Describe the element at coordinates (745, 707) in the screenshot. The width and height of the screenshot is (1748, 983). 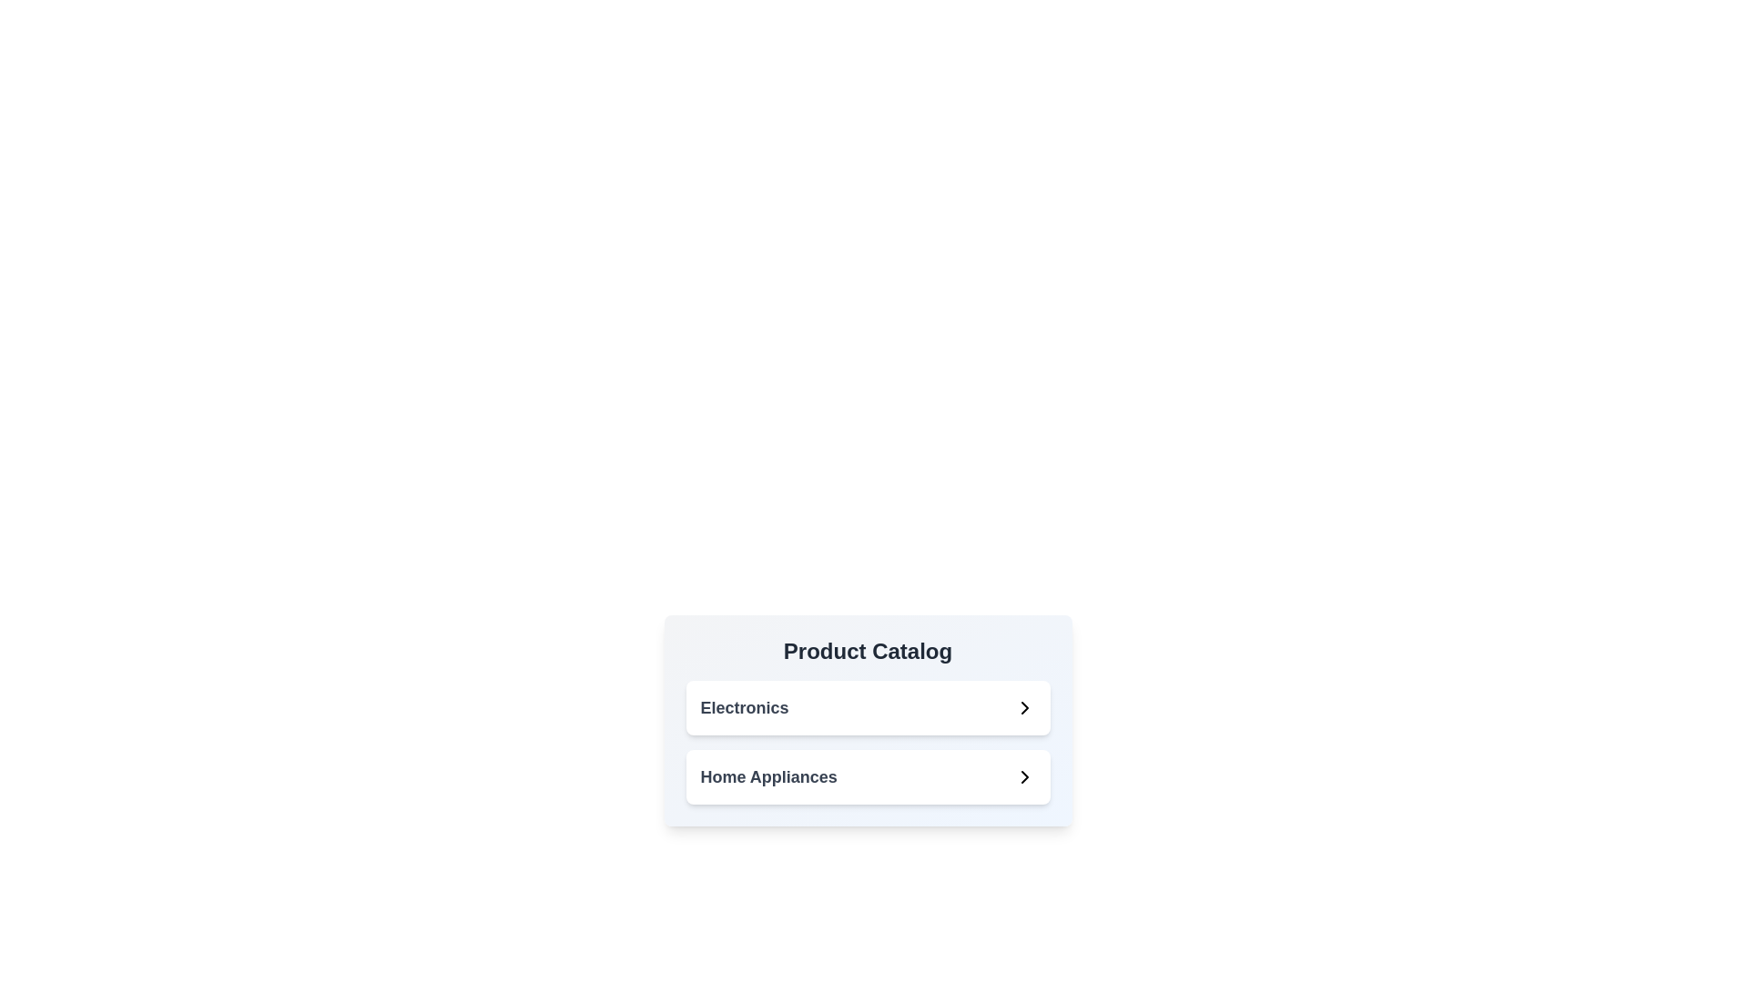
I see `the text label indicating the 'Electronics' category located in the middle-right area of the 'Product Catalog' card` at that location.